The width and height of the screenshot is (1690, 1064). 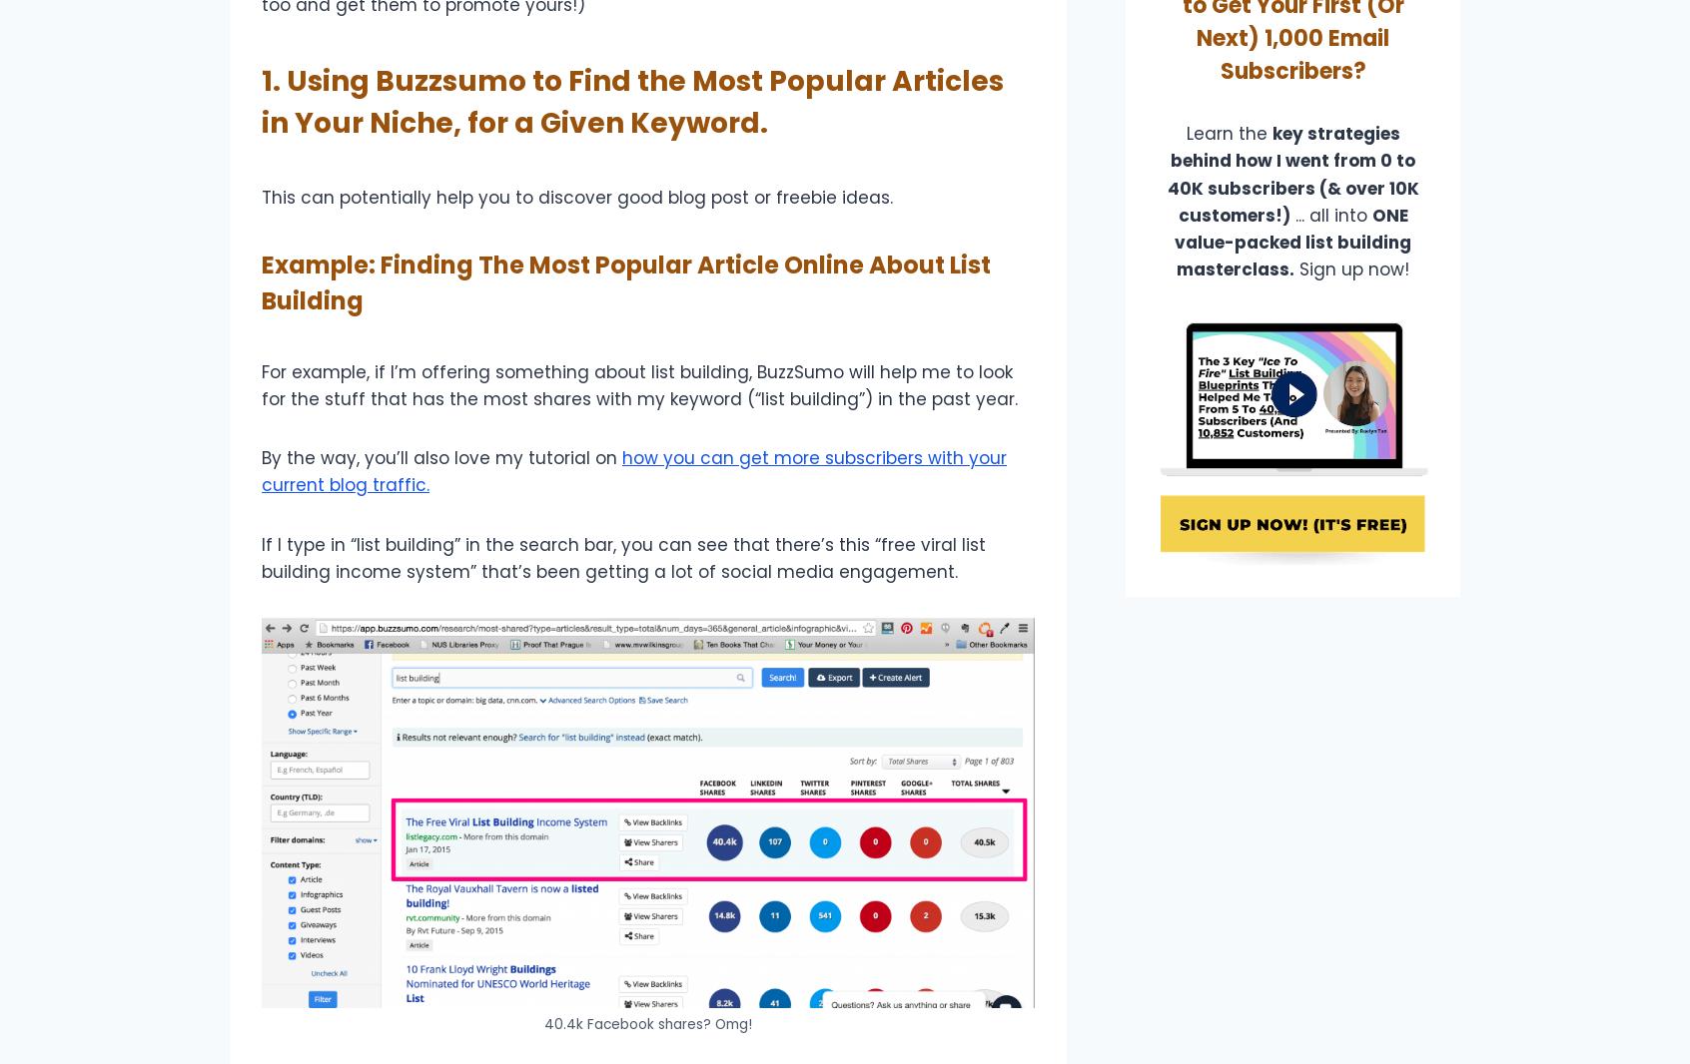 What do you see at coordinates (261, 100) in the screenshot?
I see `'1. Using Buzzsumo to Find the Most Popular Articles in Your Niche, for a Given Keyword.'` at bounding box center [261, 100].